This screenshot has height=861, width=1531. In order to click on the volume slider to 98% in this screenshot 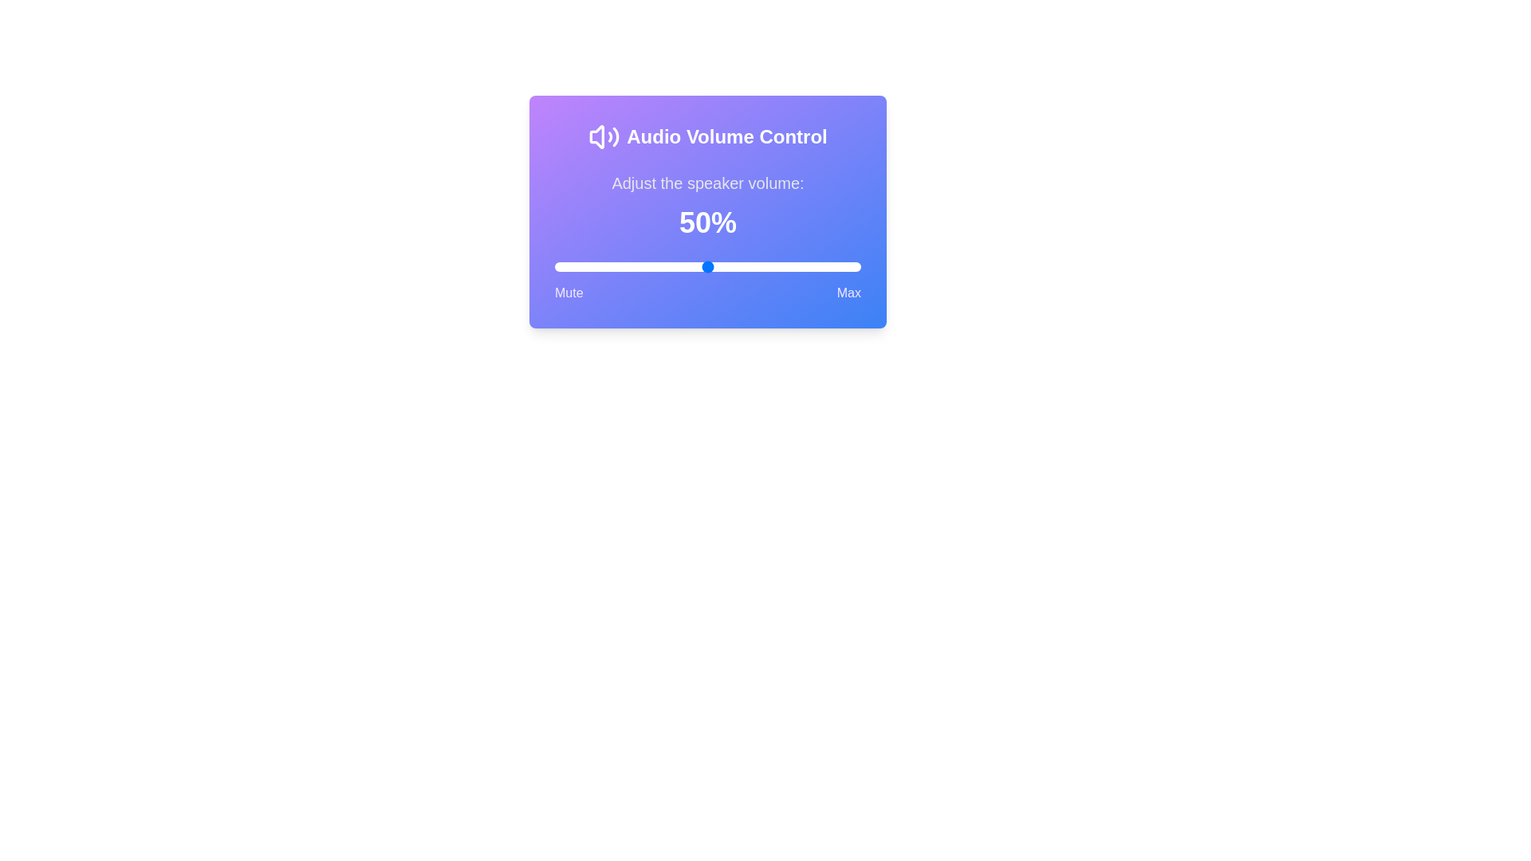, I will do `click(854, 266)`.